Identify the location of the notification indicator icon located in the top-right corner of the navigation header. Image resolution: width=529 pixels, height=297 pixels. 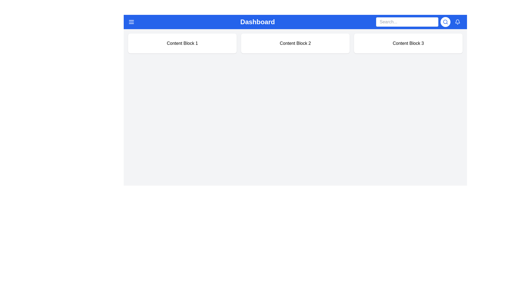
(457, 22).